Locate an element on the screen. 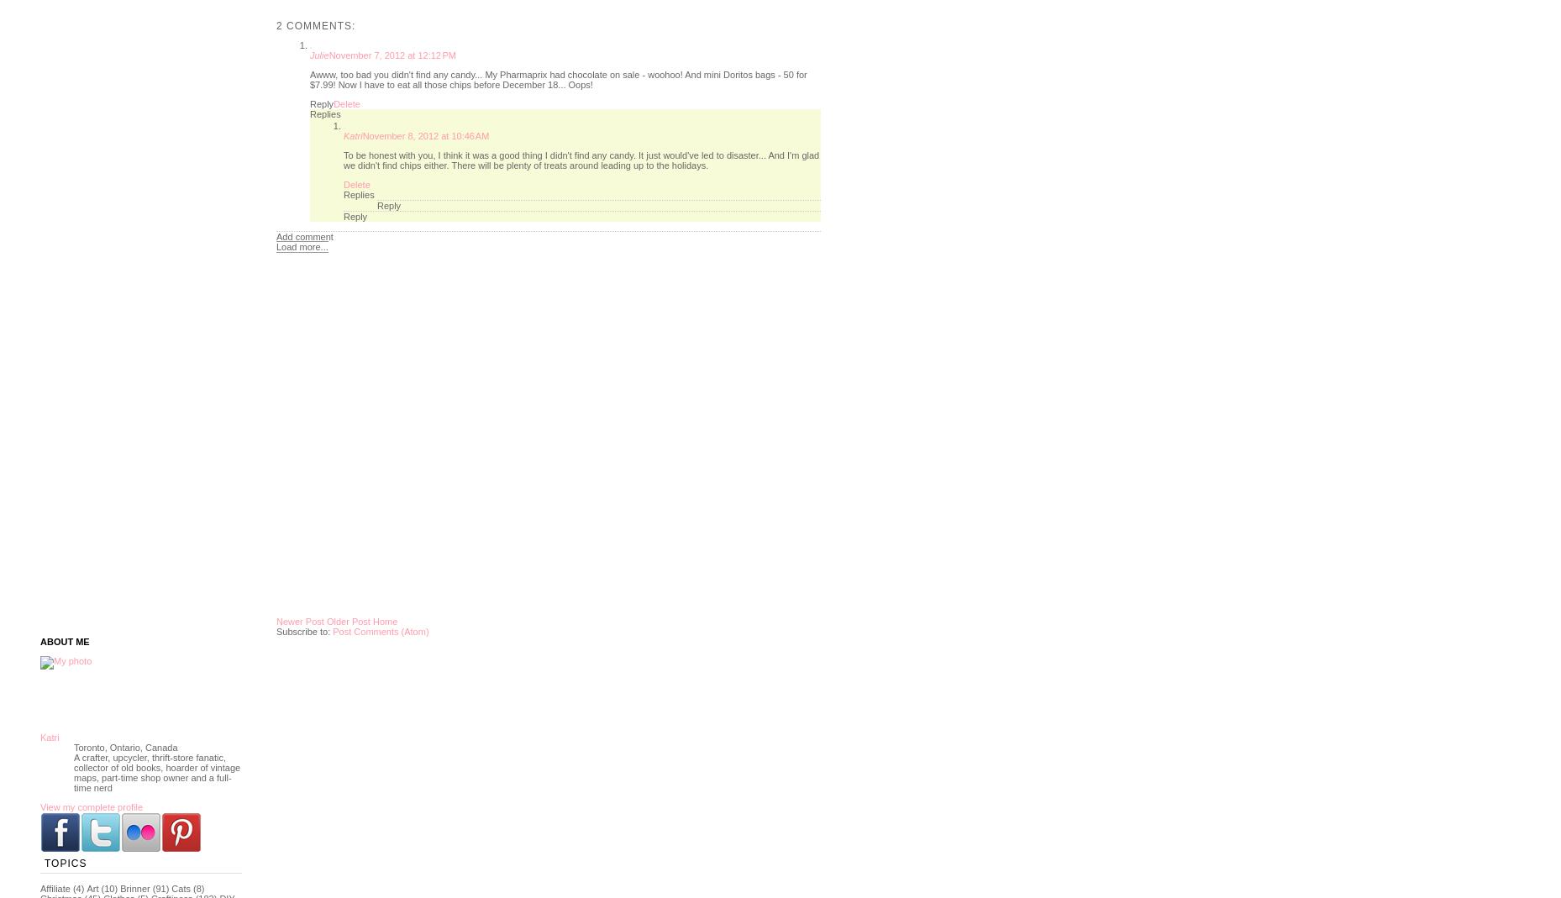 The image size is (1561, 898). 'Topics' is located at coordinates (65, 863).